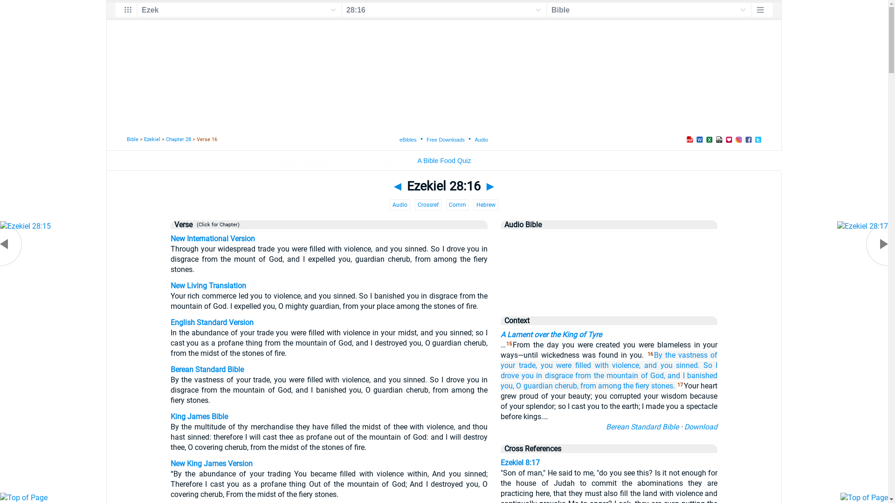 This screenshot has width=895, height=503. Describe the element at coordinates (199, 416) in the screenshot. I see `'King James Bible'` at that location.